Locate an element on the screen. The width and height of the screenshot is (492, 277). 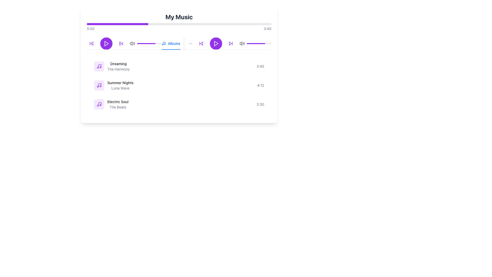
the play button located in the center of the control bar of the music player for visual feedback is located at coordinates (106, 43).